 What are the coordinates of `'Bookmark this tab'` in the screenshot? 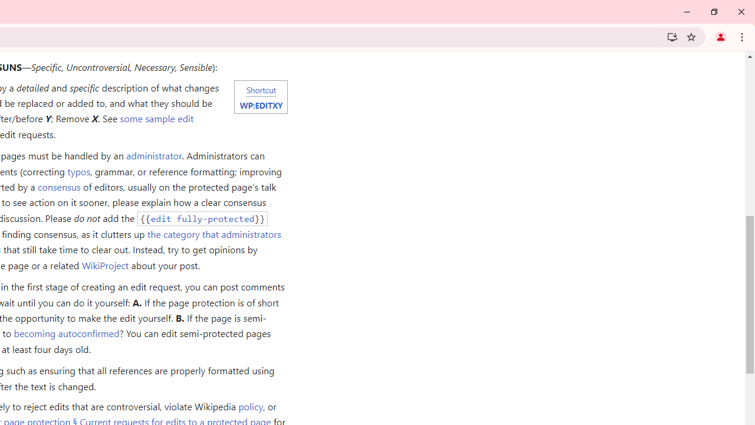 It's located at (691, 36).